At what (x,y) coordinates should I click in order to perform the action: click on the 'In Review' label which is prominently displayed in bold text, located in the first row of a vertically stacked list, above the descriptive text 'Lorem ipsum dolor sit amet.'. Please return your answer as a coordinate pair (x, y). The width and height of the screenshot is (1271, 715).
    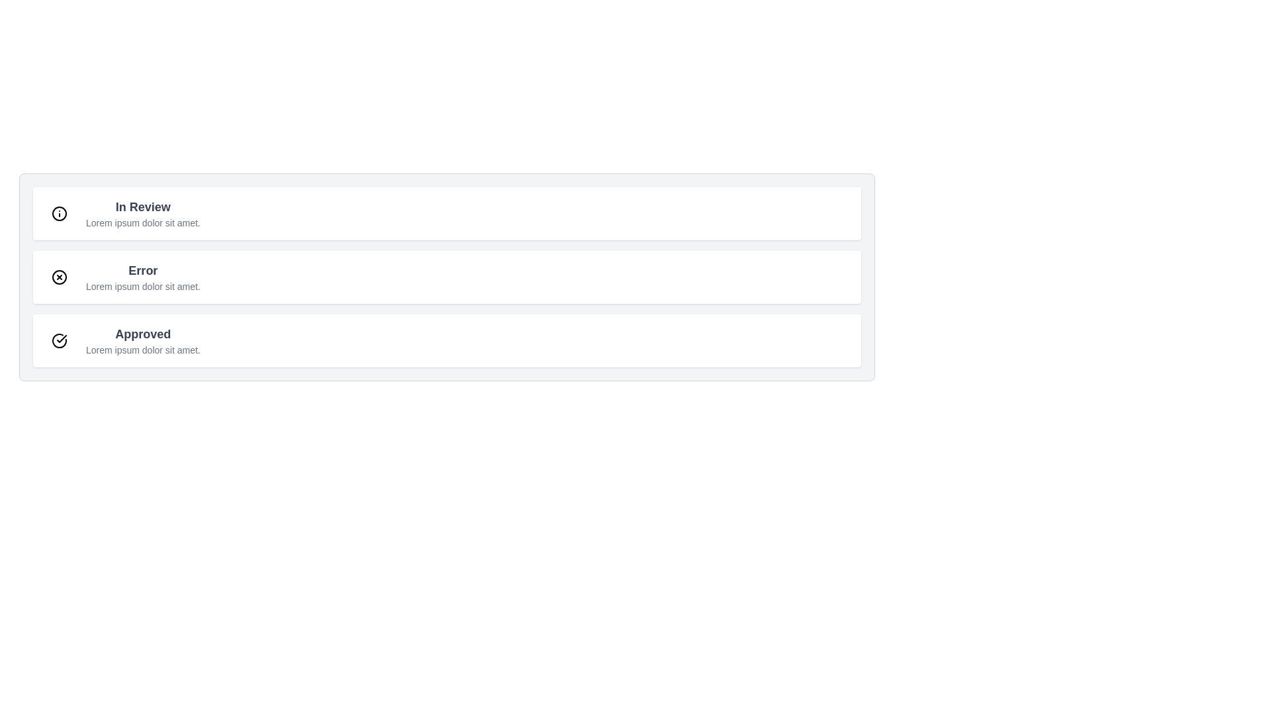
    Looking at the image, I should click on (143, 207).